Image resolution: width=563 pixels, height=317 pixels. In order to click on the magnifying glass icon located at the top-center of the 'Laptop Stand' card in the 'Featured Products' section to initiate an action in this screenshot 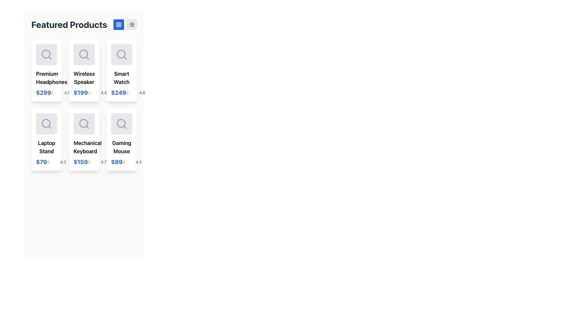, I will do `click(46, 123)`.